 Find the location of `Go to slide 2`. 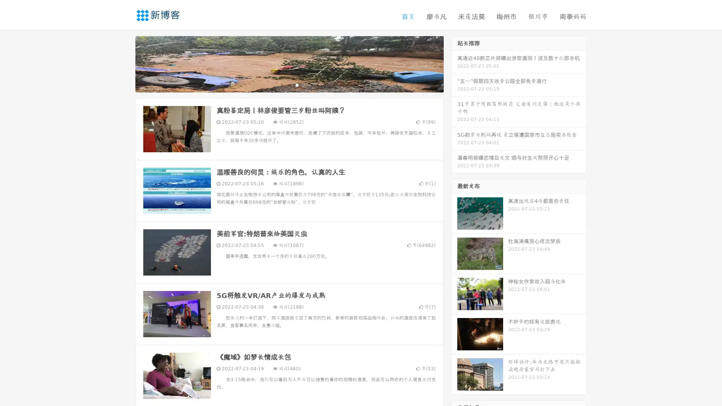

Go to slide 2 is located at coordinates (289, 85).